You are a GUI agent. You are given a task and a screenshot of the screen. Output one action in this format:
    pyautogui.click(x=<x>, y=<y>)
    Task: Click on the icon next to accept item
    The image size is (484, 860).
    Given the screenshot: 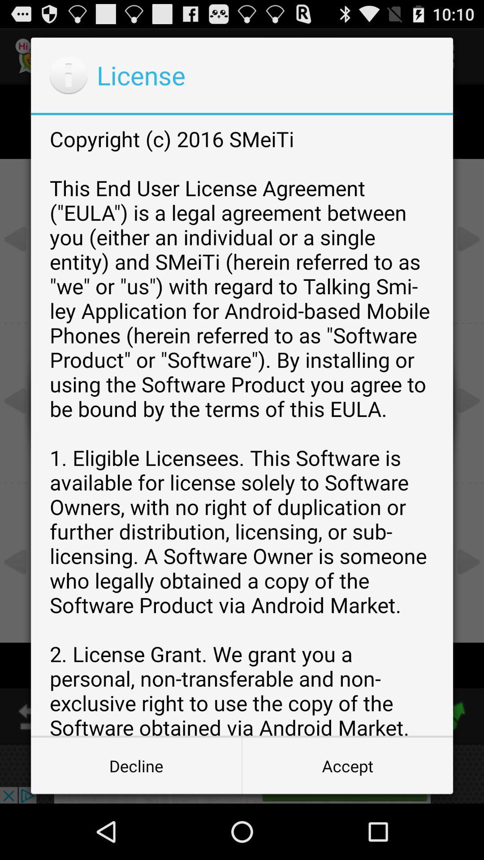 What is the action you would take?
    pyautogui.click(x=136, y=765)
    